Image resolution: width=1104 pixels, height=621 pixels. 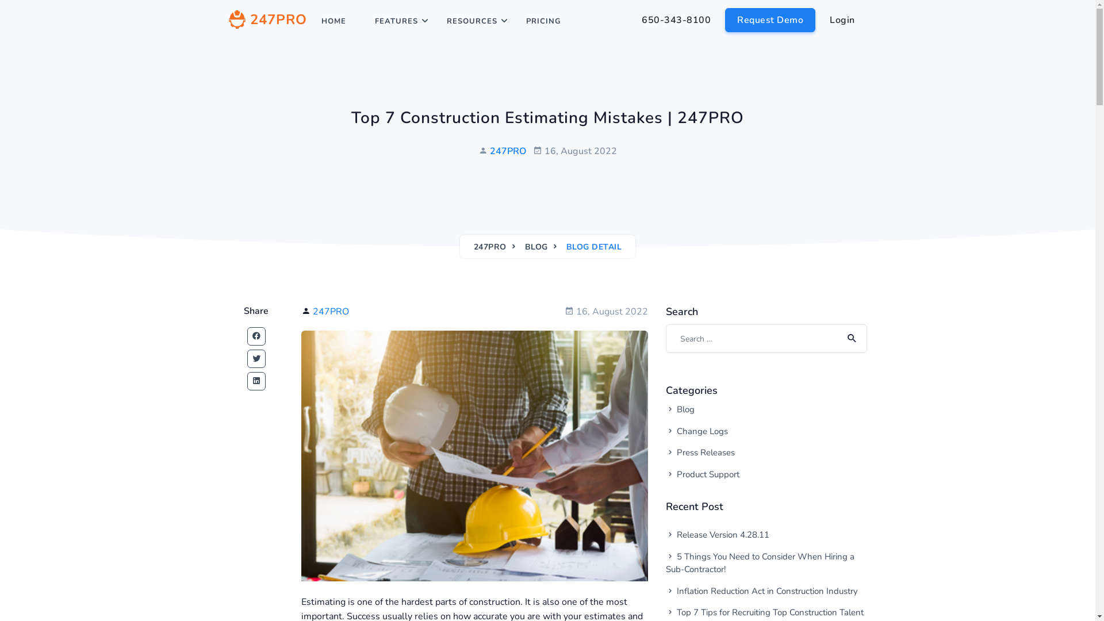 I want to click on 'Change Logs', so click(x=741, y=431).